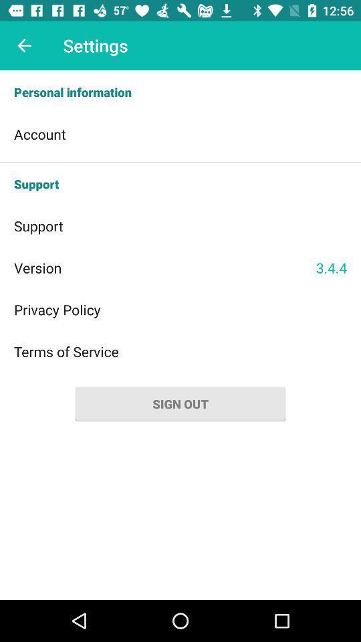 Image resolution: width=361 pixels, height=642 pixels. Describe the element at coordinates (180, 310) in the screenshot. I see `the icon above terms of service item` at that location.